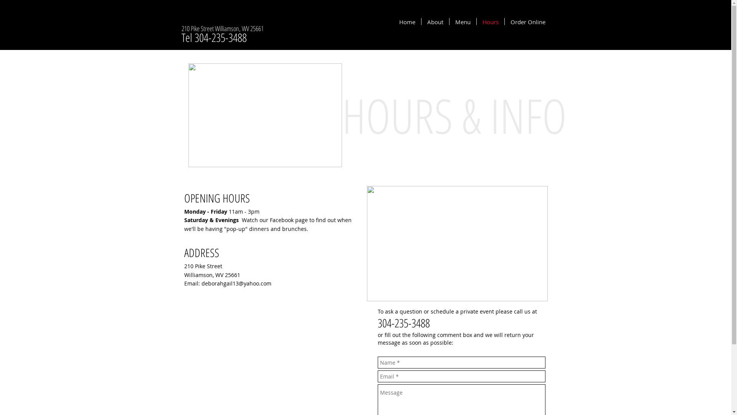 The image size is (737, 415). What do you see at coordinates (490, 21) in the screenshot?
I see `'Hours'` at bounding box center [490, 21].